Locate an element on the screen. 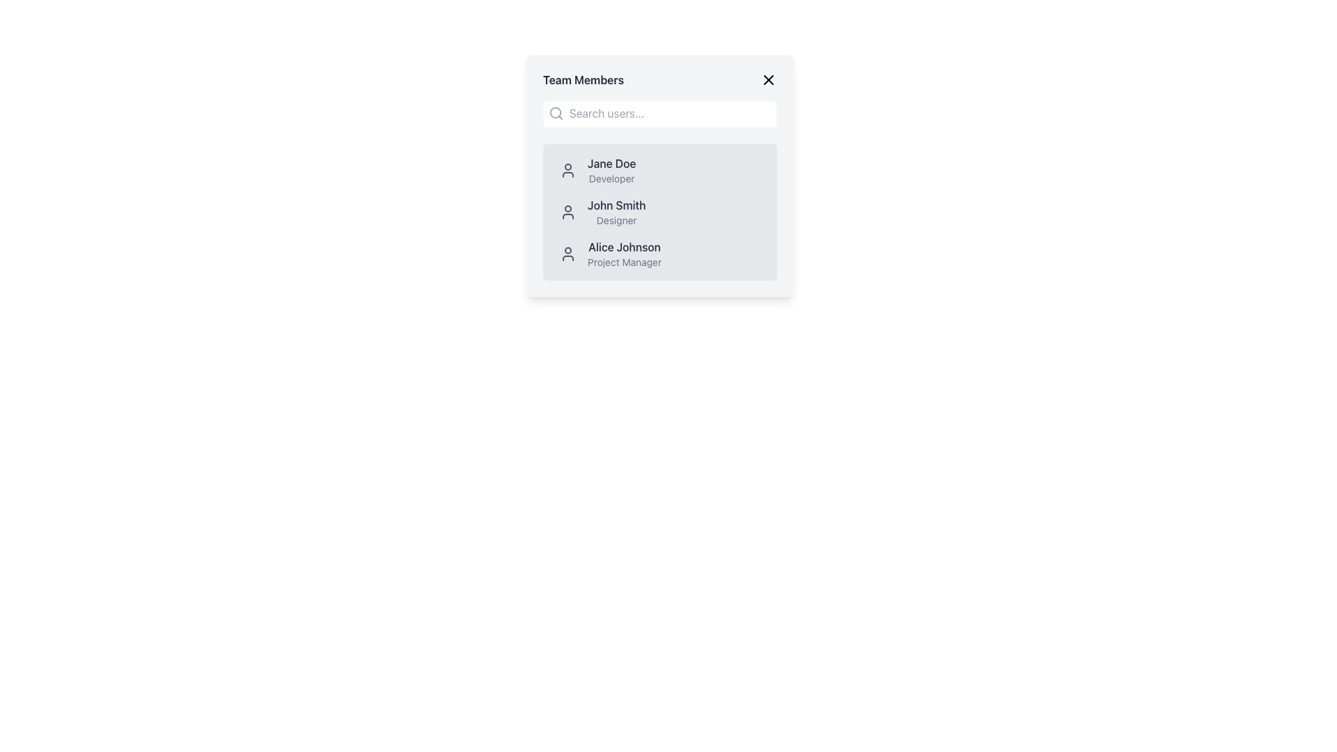  the user icon representing 'Alice Johnson', the Project Manager, located to the left of the name in the team members list is located at coordinates (568, 254).